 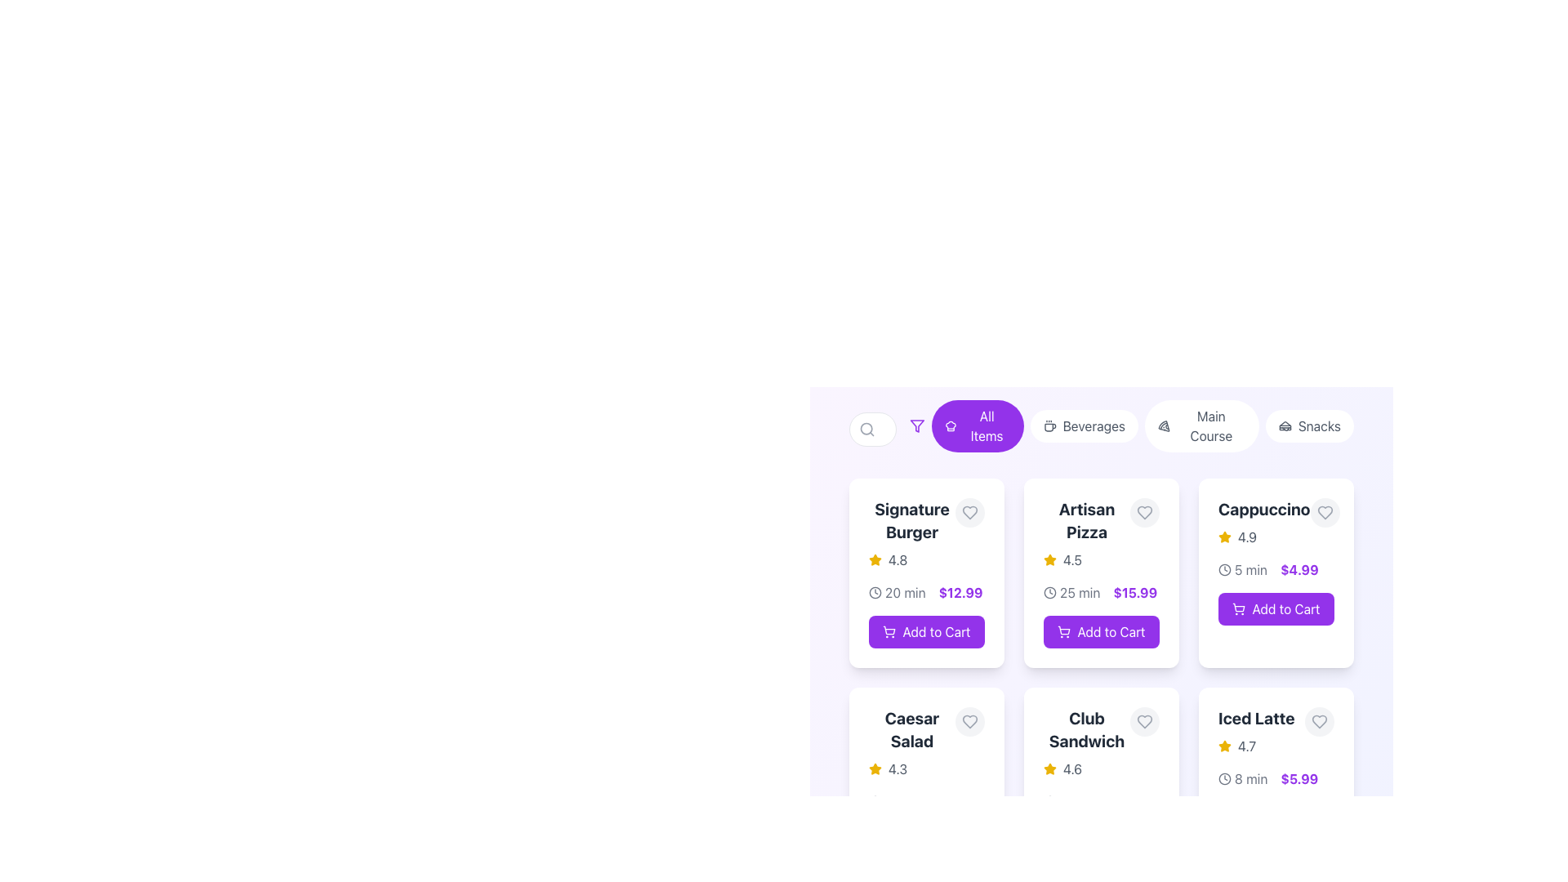 I want to click on the yellow filled star icon representing a rating next to the text '4.8', so click(x=874, y=559).